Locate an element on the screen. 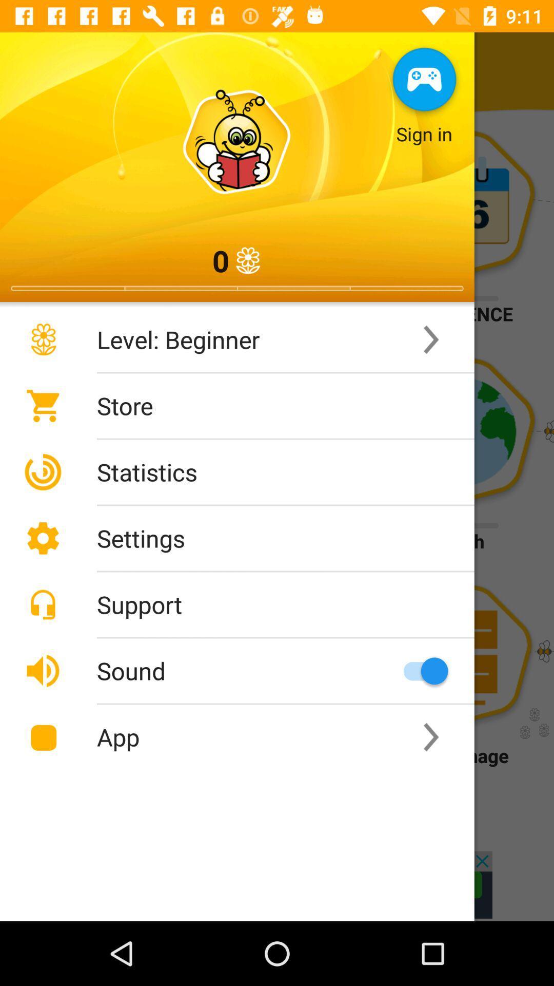 This screenshot has height=986, width=554. the icon which is right to the beginner is located at coordinates (431, 340).